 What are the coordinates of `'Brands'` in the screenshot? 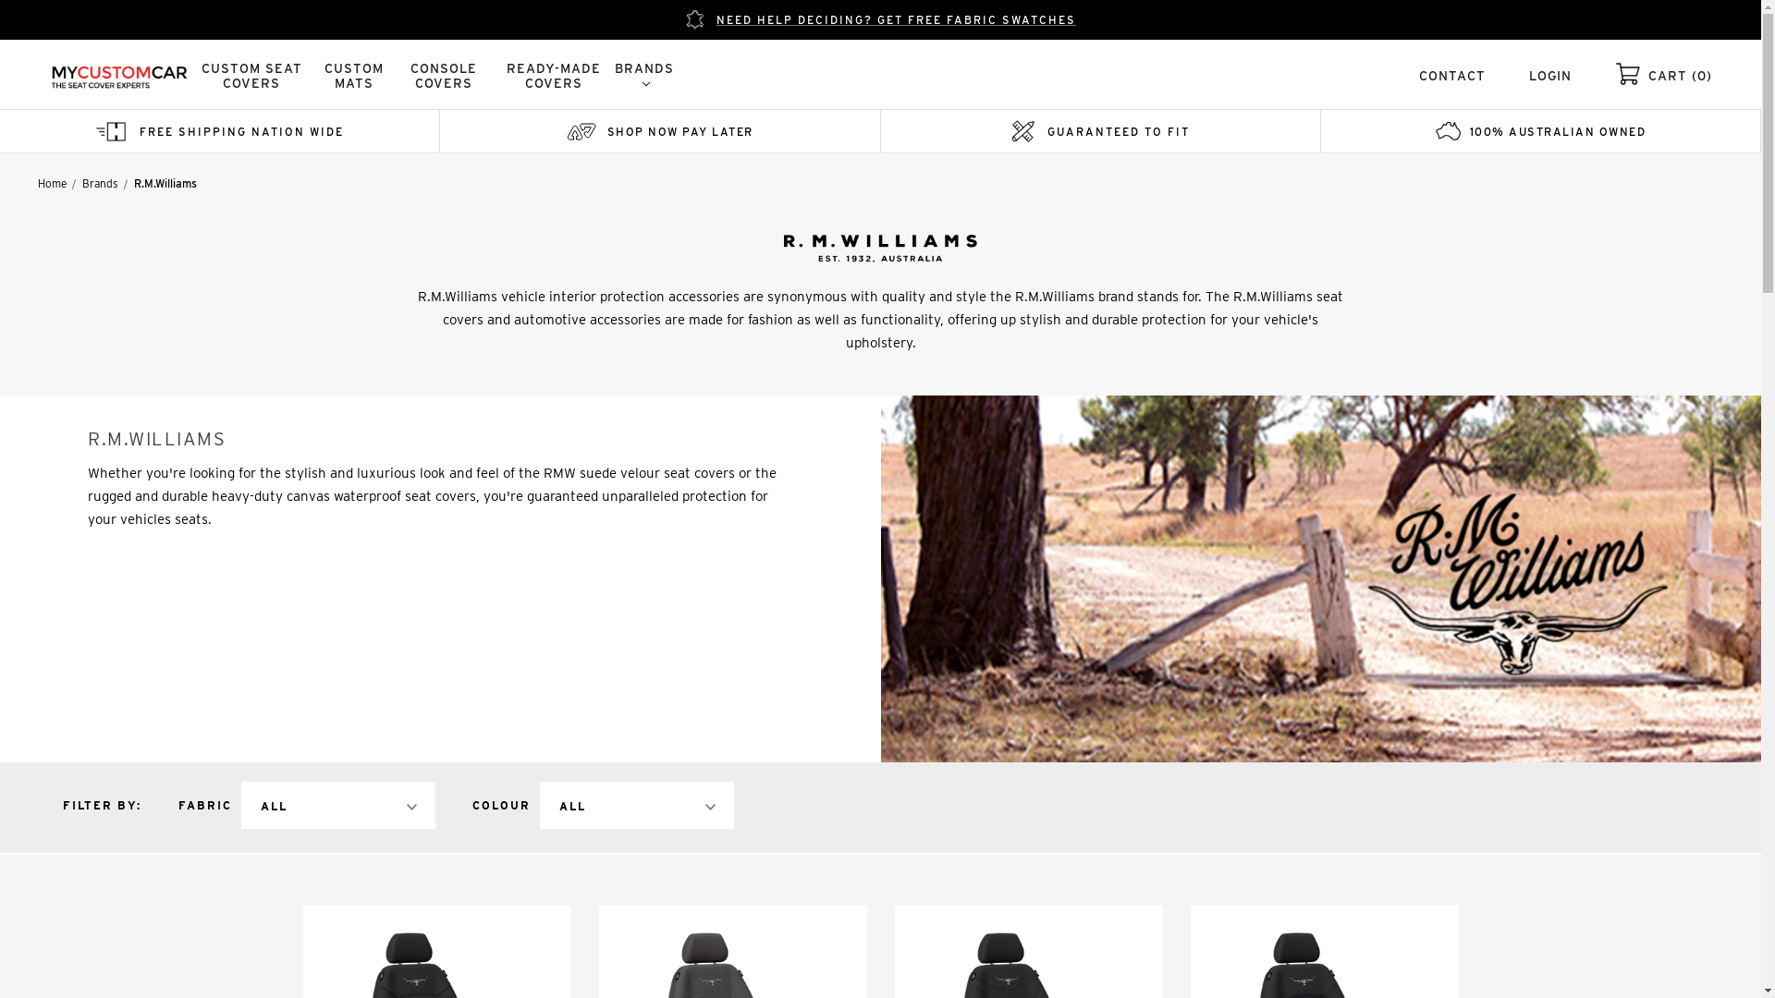 It's located at (99, 183).